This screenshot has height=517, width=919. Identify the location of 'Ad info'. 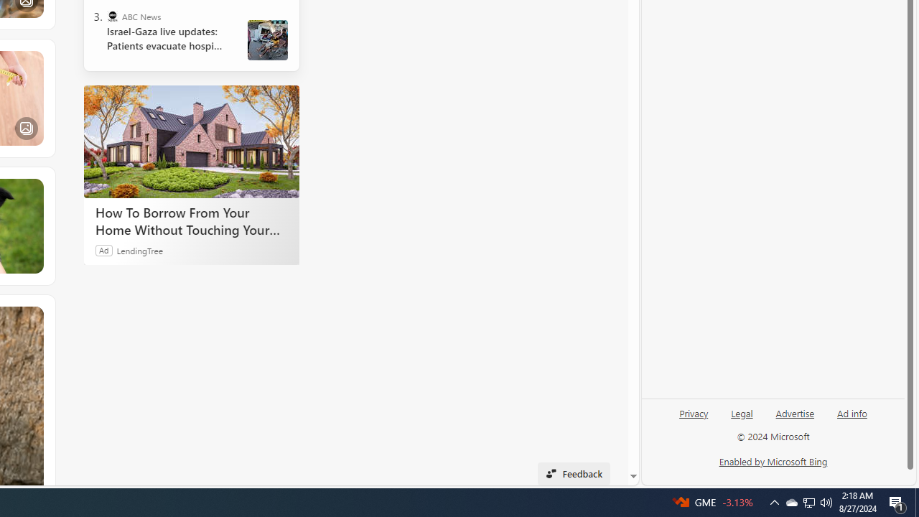
(852, 412).